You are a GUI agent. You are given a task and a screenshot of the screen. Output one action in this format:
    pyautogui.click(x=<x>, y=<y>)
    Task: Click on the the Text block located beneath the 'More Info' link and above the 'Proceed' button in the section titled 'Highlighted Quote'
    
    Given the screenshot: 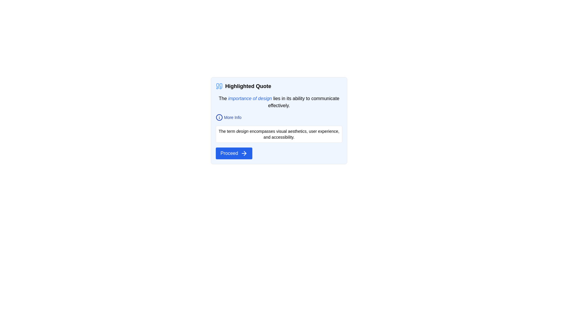 What is the action you would take?
    pyautogui.click(x=279, y=134)
    